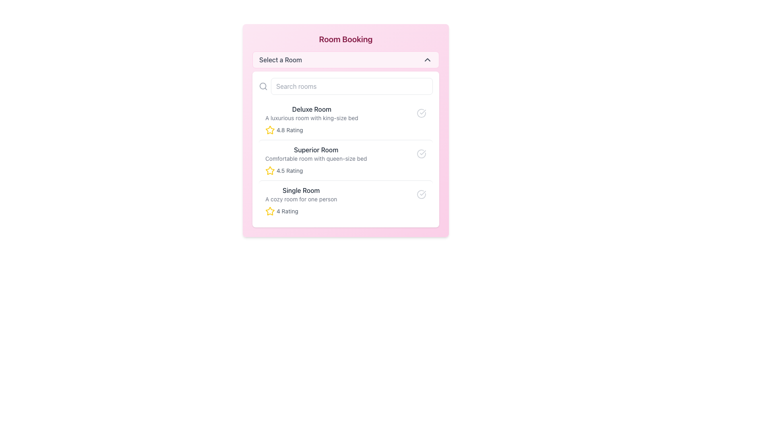 The height and width of the screenshot is (434, 773). I want to click on the circular confirmation icon with a checkmark located in the 'Superior Room' section, positioned to the far right of the section's title and description text, so click(421, 154).